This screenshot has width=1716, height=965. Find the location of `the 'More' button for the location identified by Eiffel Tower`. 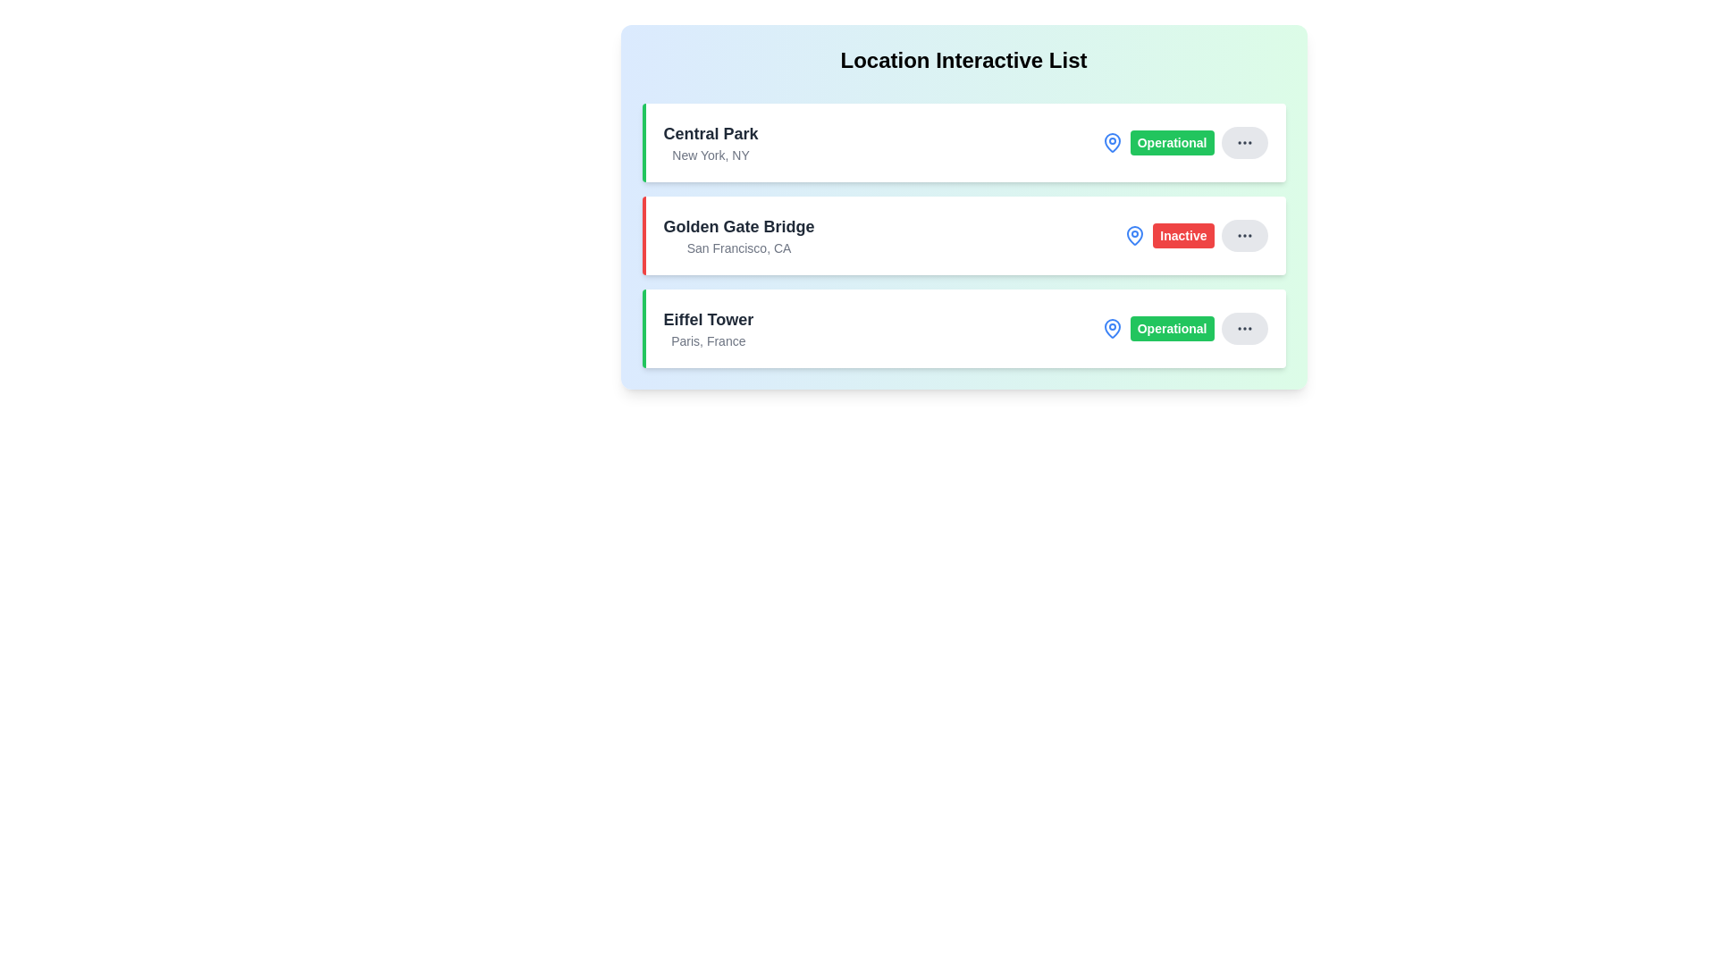

the 'More' button for the location identified by Eiffel Tower is located at coordinates (1243, 328).